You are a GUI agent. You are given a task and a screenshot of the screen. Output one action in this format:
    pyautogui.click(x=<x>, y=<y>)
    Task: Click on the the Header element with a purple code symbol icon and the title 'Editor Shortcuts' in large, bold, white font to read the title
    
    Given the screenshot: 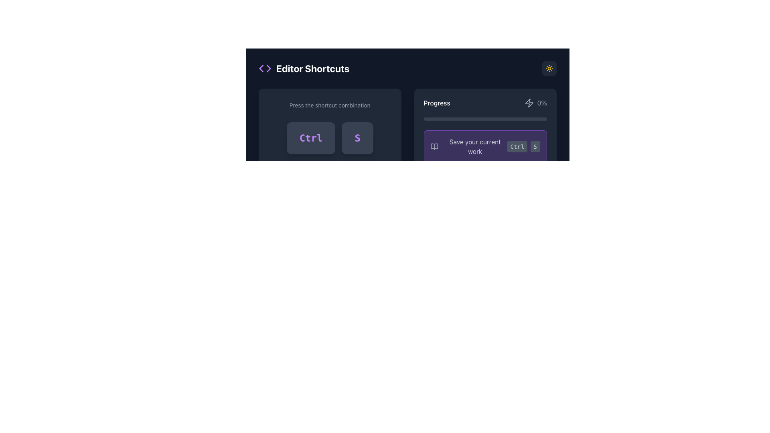 What is the action you would take?
    pyautogui.click(x=304, y=68)
    